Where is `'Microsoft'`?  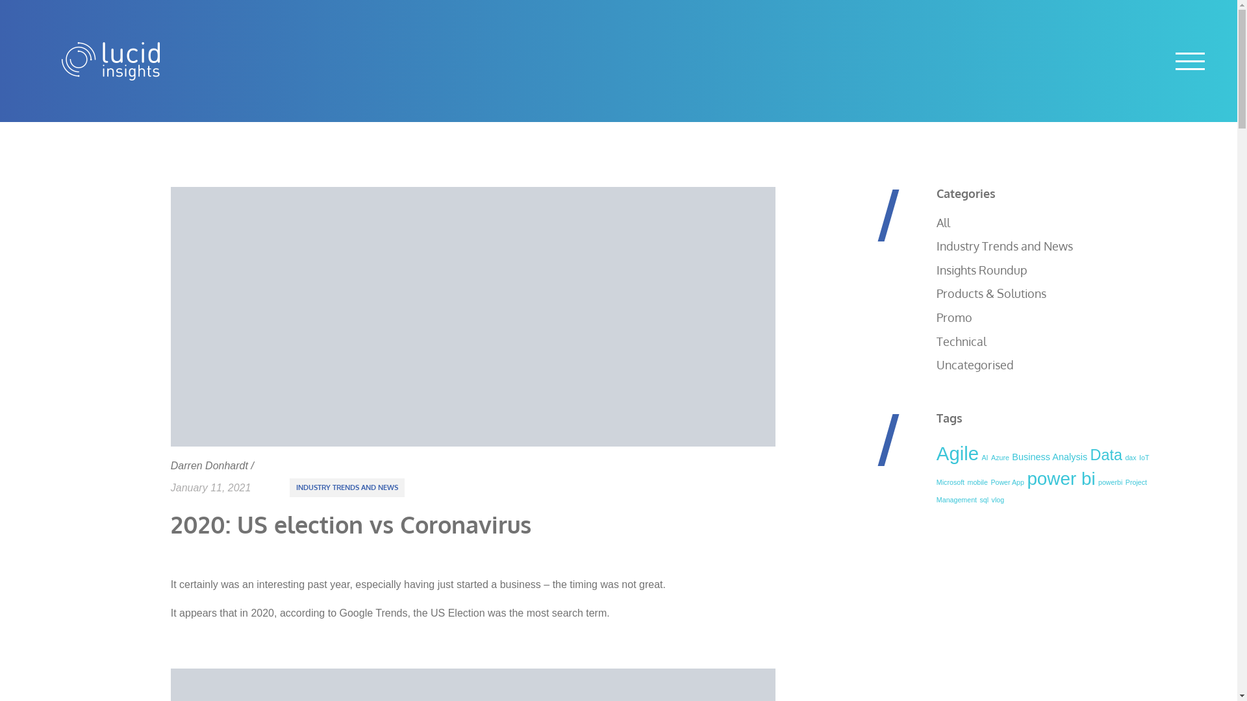 'Microsoft' is located at coordinates (936, 482).